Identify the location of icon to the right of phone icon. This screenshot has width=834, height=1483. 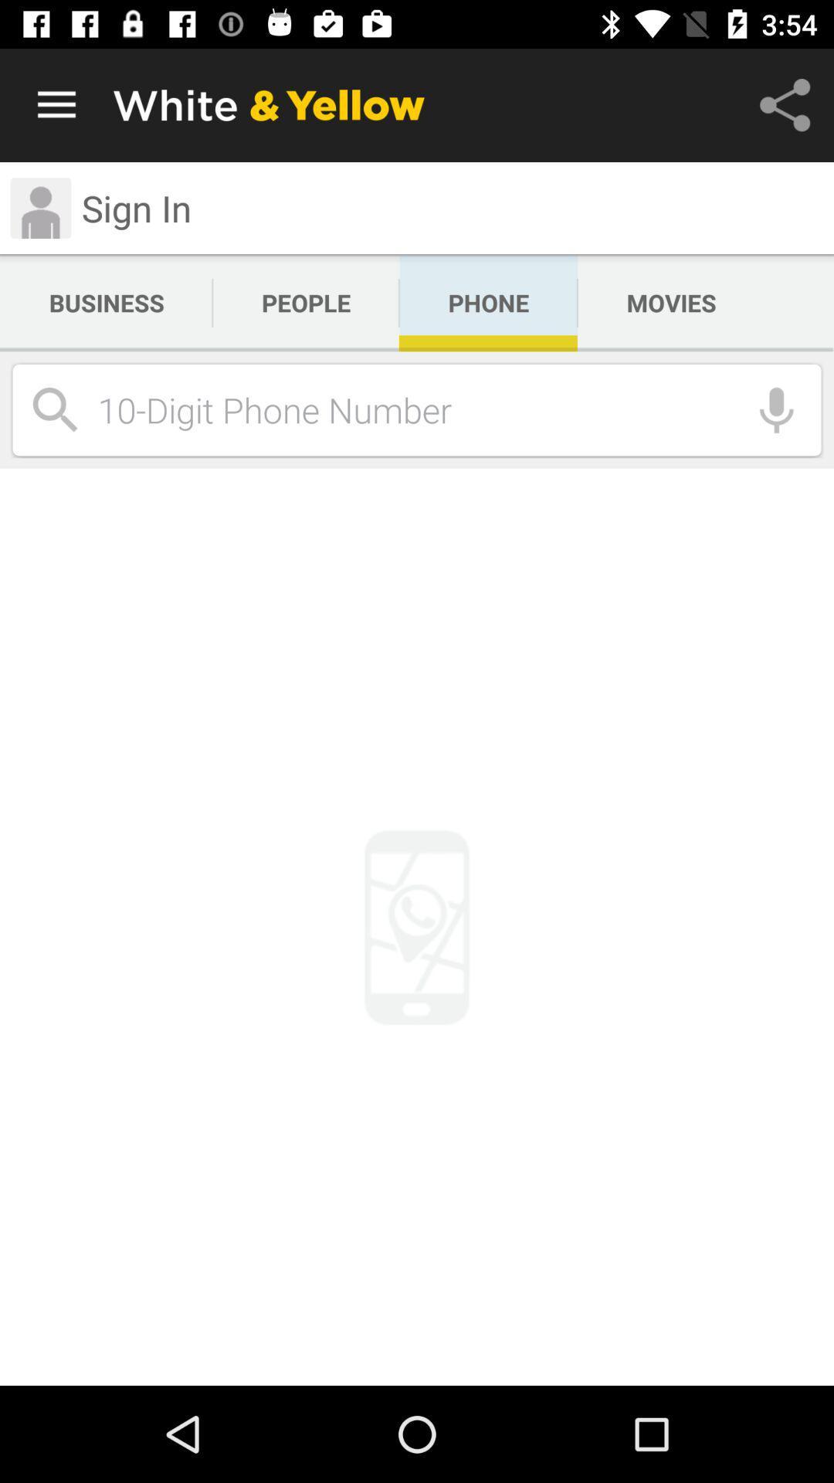
(670, 303).